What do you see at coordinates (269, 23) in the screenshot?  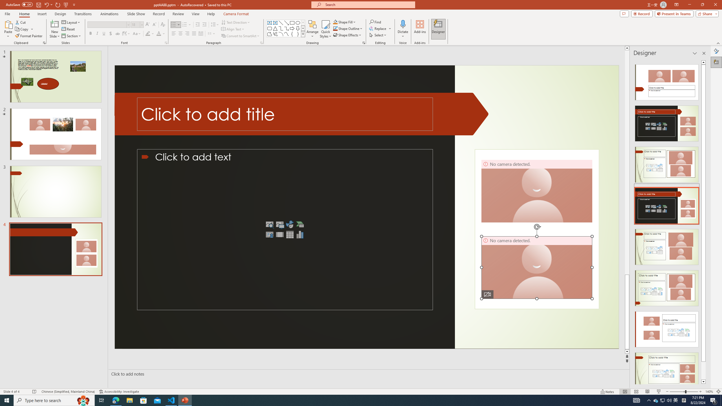 I see `'Text Box'` at bounding box center [269, 23].